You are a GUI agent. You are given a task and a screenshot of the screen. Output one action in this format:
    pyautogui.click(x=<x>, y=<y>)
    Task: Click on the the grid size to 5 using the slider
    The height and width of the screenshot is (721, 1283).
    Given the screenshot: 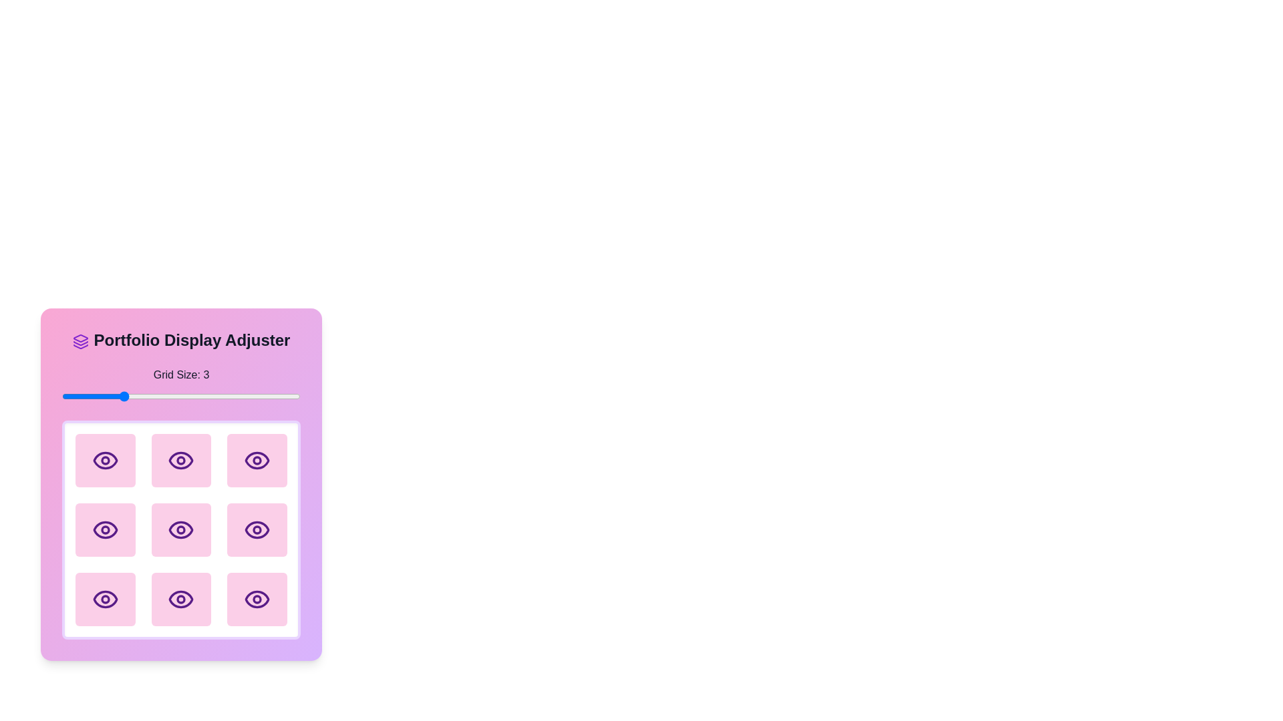 What is the action you would take?
    pyautogui.click(x=241, y=396)
    